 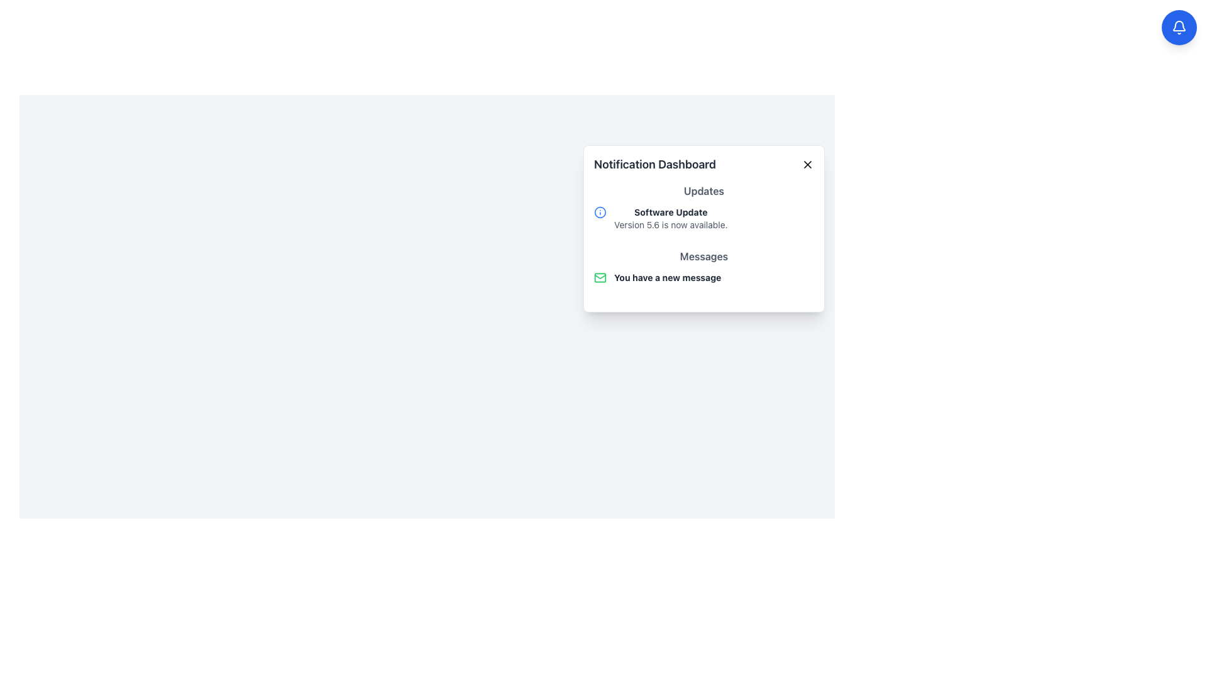 What do you see at coordinates (600, 212) in the screenshot?
I see `the SVG Circle element representing an information symbol located at the upper-right side of the interface` at bounding box center [600, 212].